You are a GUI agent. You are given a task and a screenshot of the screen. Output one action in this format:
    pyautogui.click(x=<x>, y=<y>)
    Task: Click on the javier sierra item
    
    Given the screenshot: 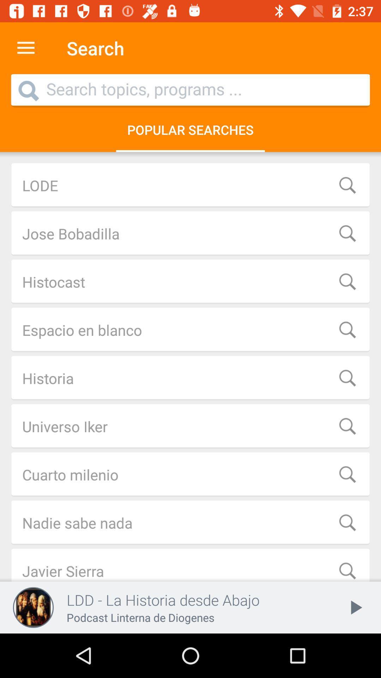 What is the action you would take?
    pyautogui.click(x=190, y=565)
    